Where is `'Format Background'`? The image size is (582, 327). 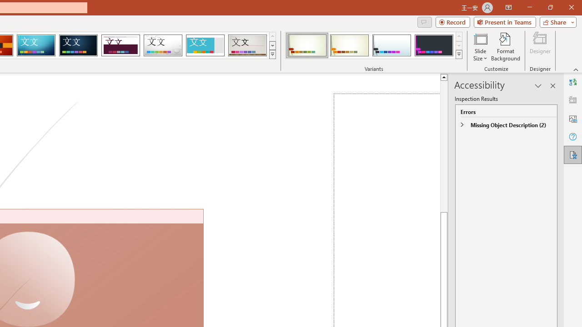
'Format Background' is located at coordinates (505, 47).